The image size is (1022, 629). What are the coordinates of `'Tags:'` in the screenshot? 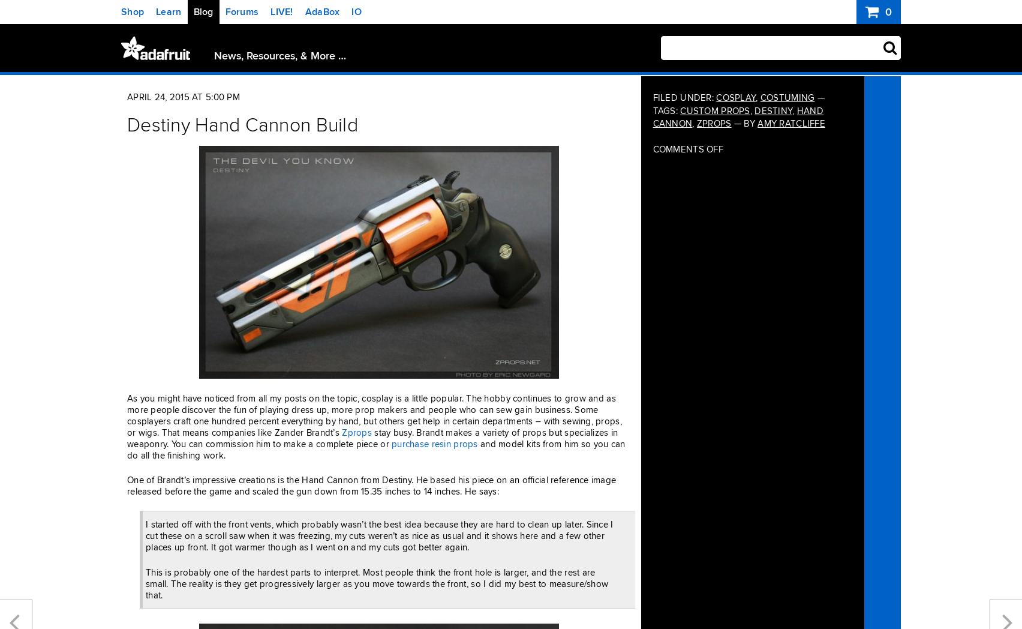 It's located at (666, 109).